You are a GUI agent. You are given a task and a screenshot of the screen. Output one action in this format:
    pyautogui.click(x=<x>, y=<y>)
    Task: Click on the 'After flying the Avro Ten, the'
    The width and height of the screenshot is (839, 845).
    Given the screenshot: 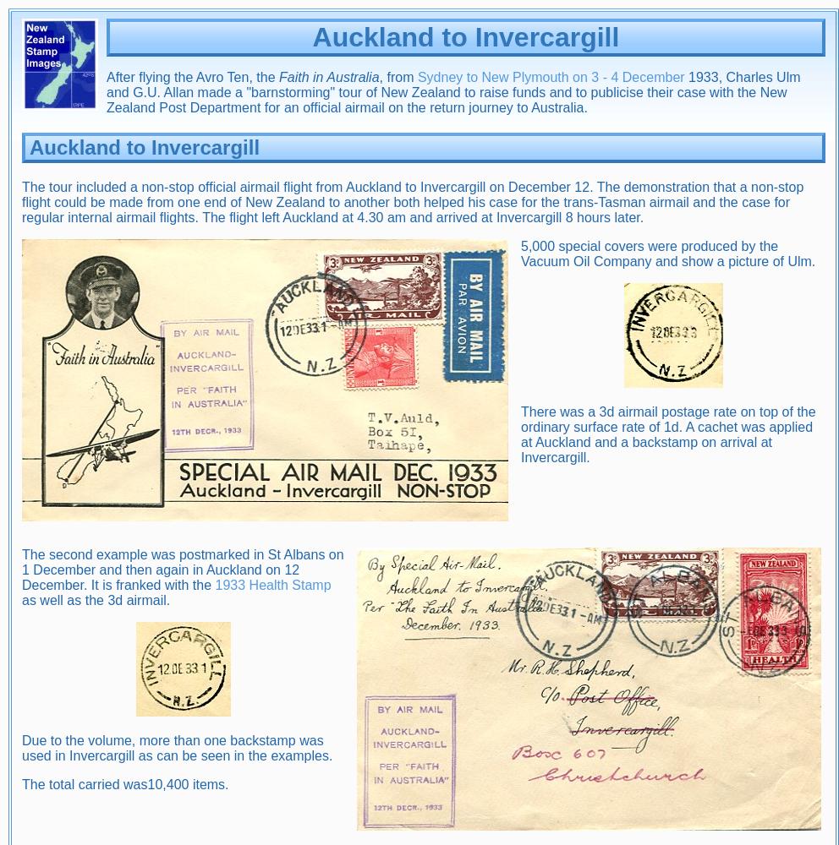 What is the action you would take?
    pyautogui.click(x=192, y=76)
    